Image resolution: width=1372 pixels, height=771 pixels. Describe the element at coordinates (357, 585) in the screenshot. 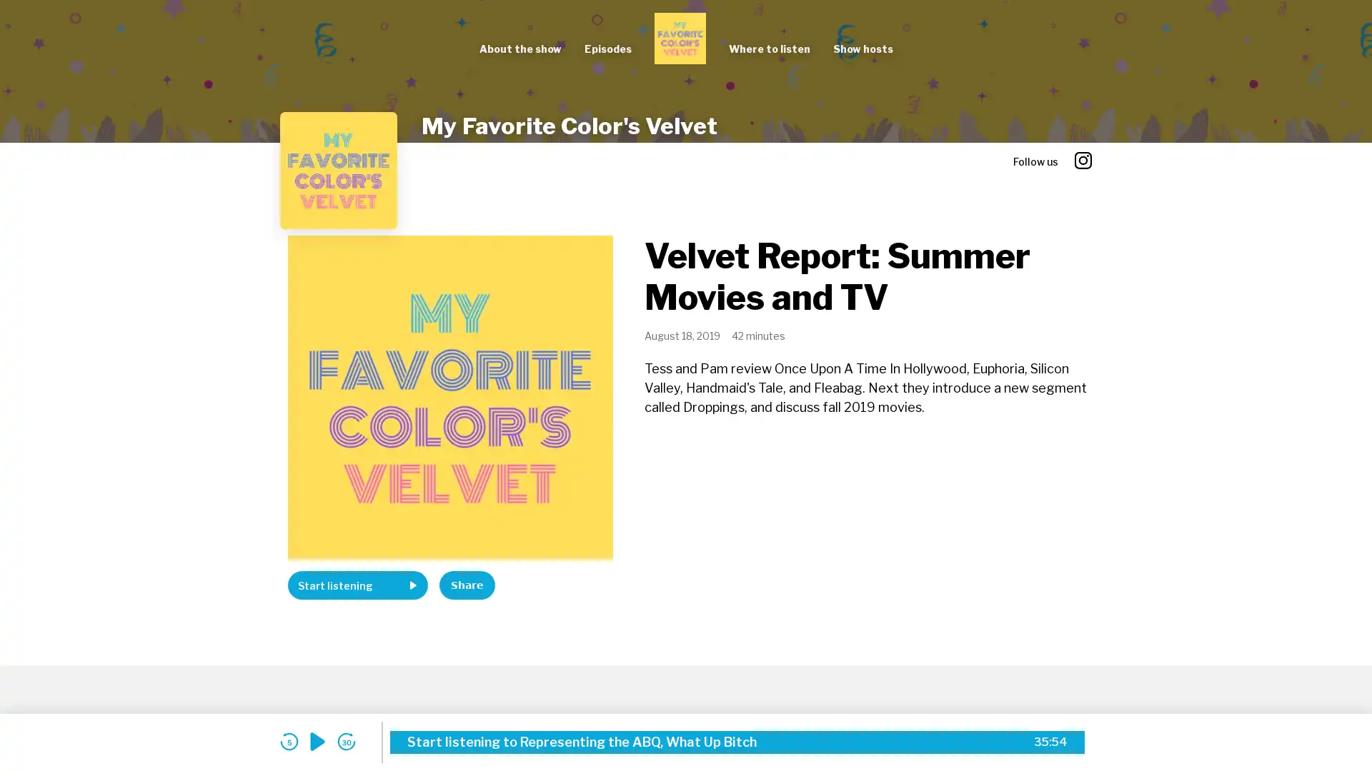

I see `Start listening` at that location.